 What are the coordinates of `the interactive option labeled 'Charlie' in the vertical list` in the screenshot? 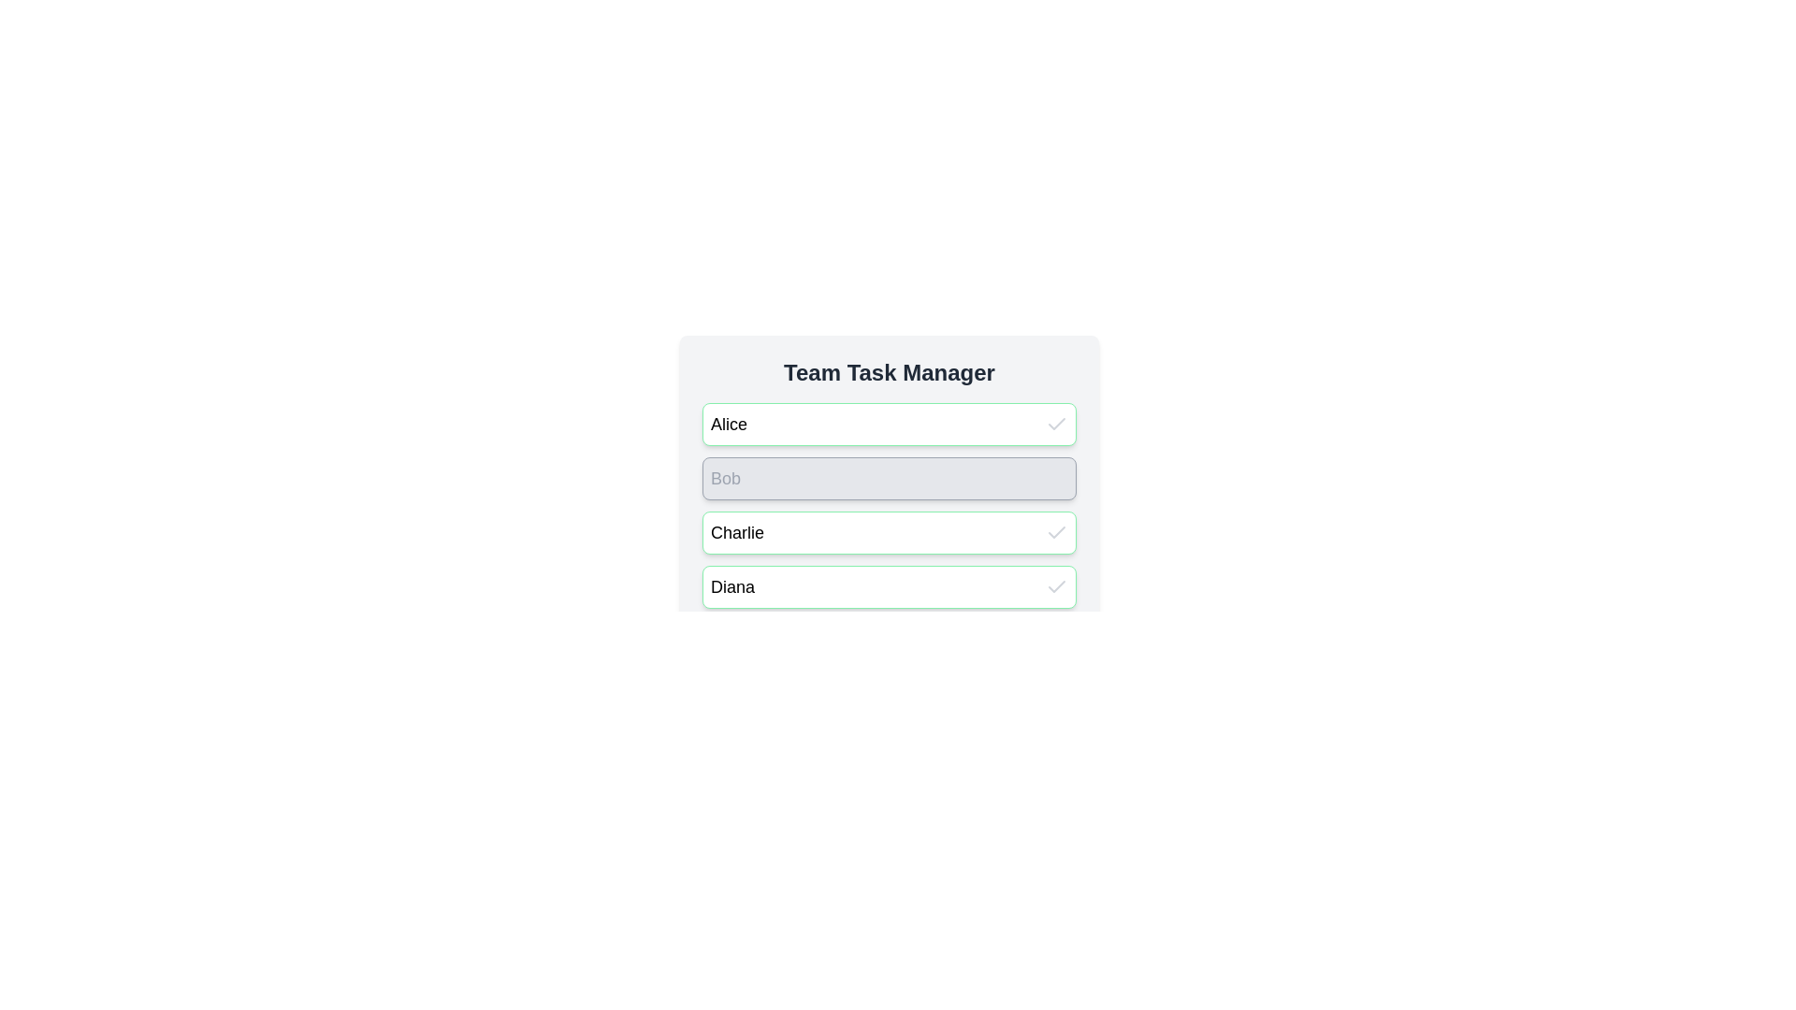 It's located at (888, 533).